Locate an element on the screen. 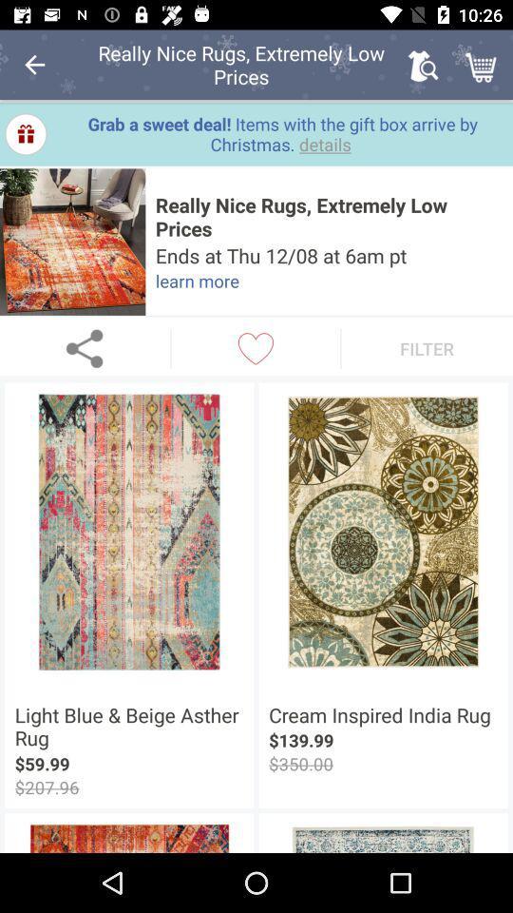 This screenshot has height=913, width=513. icon next to really nice rugs icon is located at coordinates (71, 241).